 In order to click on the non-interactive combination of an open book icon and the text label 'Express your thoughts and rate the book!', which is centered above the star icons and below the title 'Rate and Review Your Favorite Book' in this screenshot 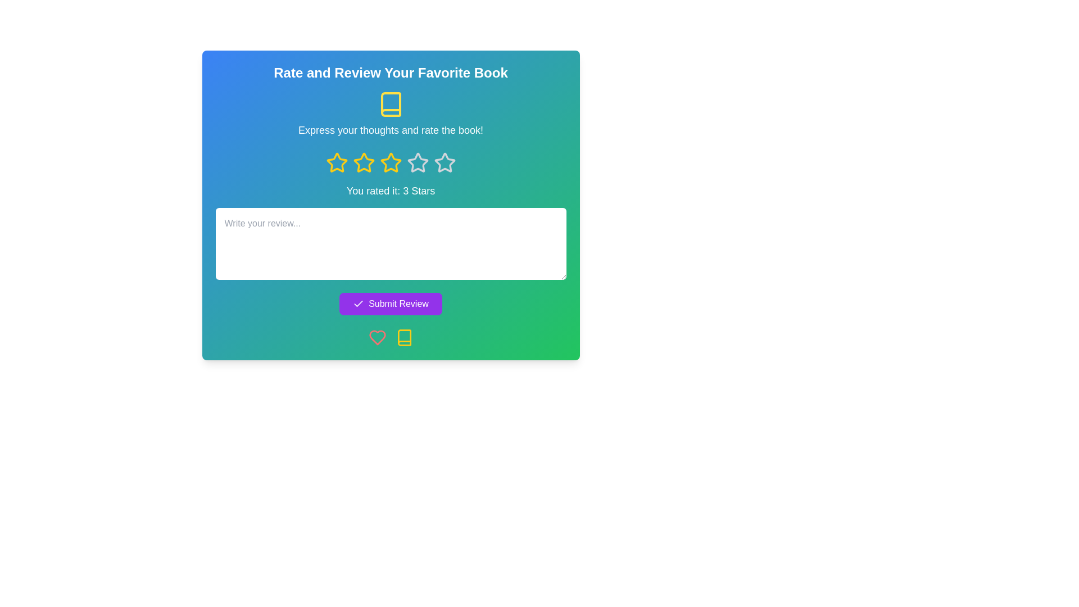, I will do `click(391, 115)`.